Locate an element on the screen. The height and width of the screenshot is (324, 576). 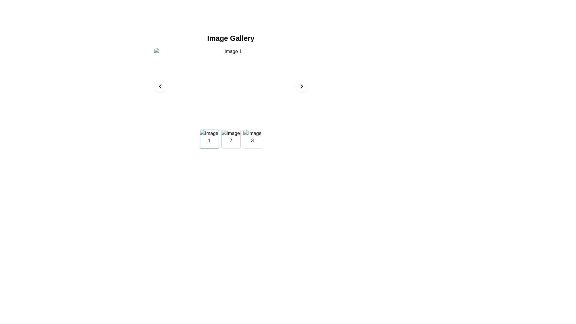
the navigation icon represented by the 'lucide-chevron-left' class is located at coordinates (160, 86).